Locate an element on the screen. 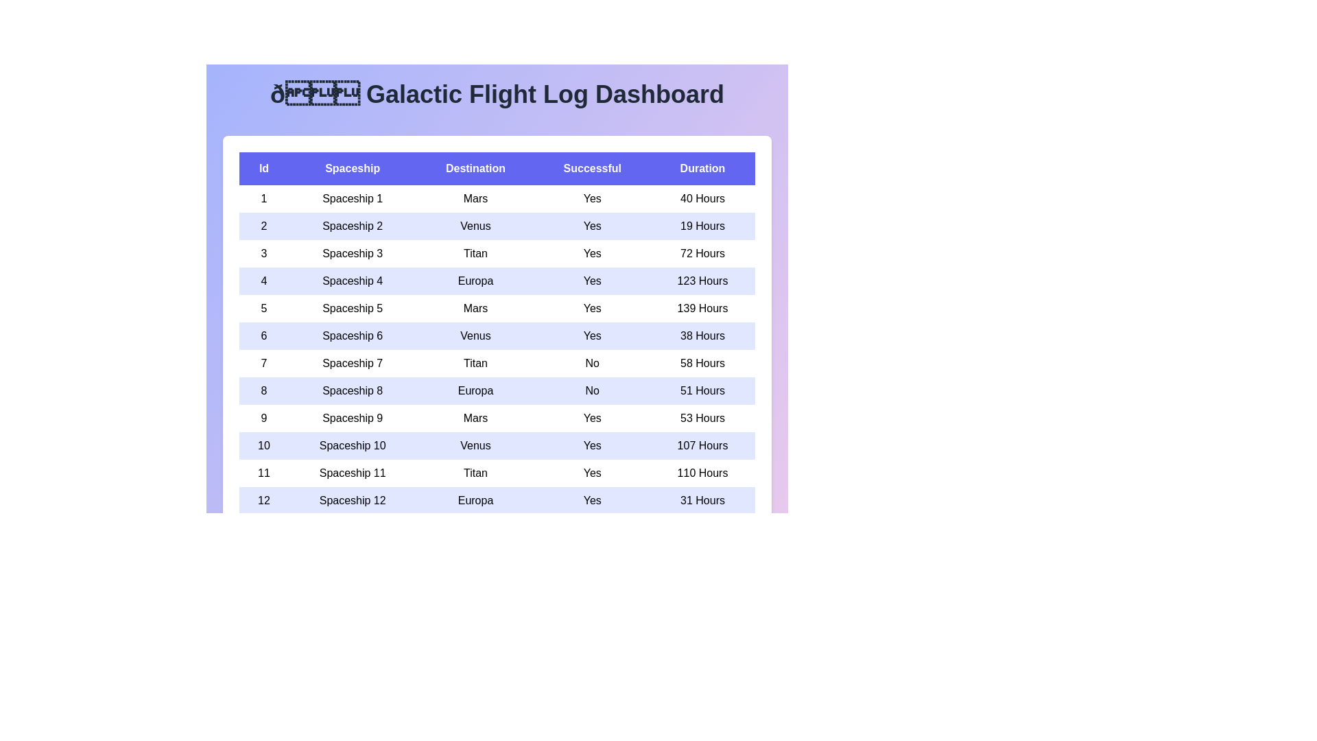 Image resolution: width=1317 pixels, height=741 pixels. the column header labeled Spaceship to sort the rows based on that column is located at coordinates (353, 168).